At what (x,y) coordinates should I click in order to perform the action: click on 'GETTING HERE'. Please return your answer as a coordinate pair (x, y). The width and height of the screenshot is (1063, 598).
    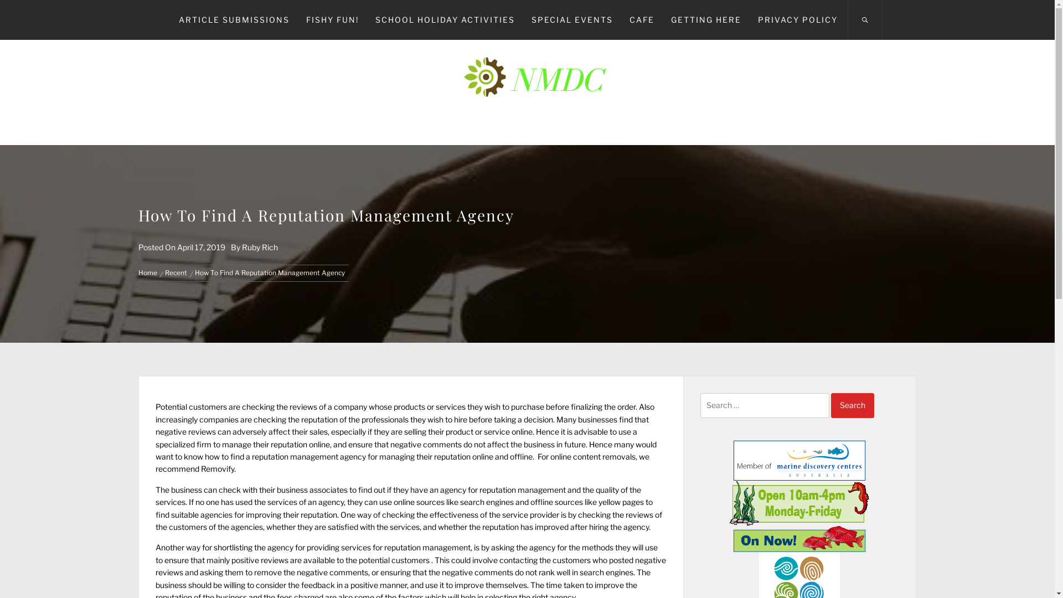
    Looking at the image, I should click on (705, 19).